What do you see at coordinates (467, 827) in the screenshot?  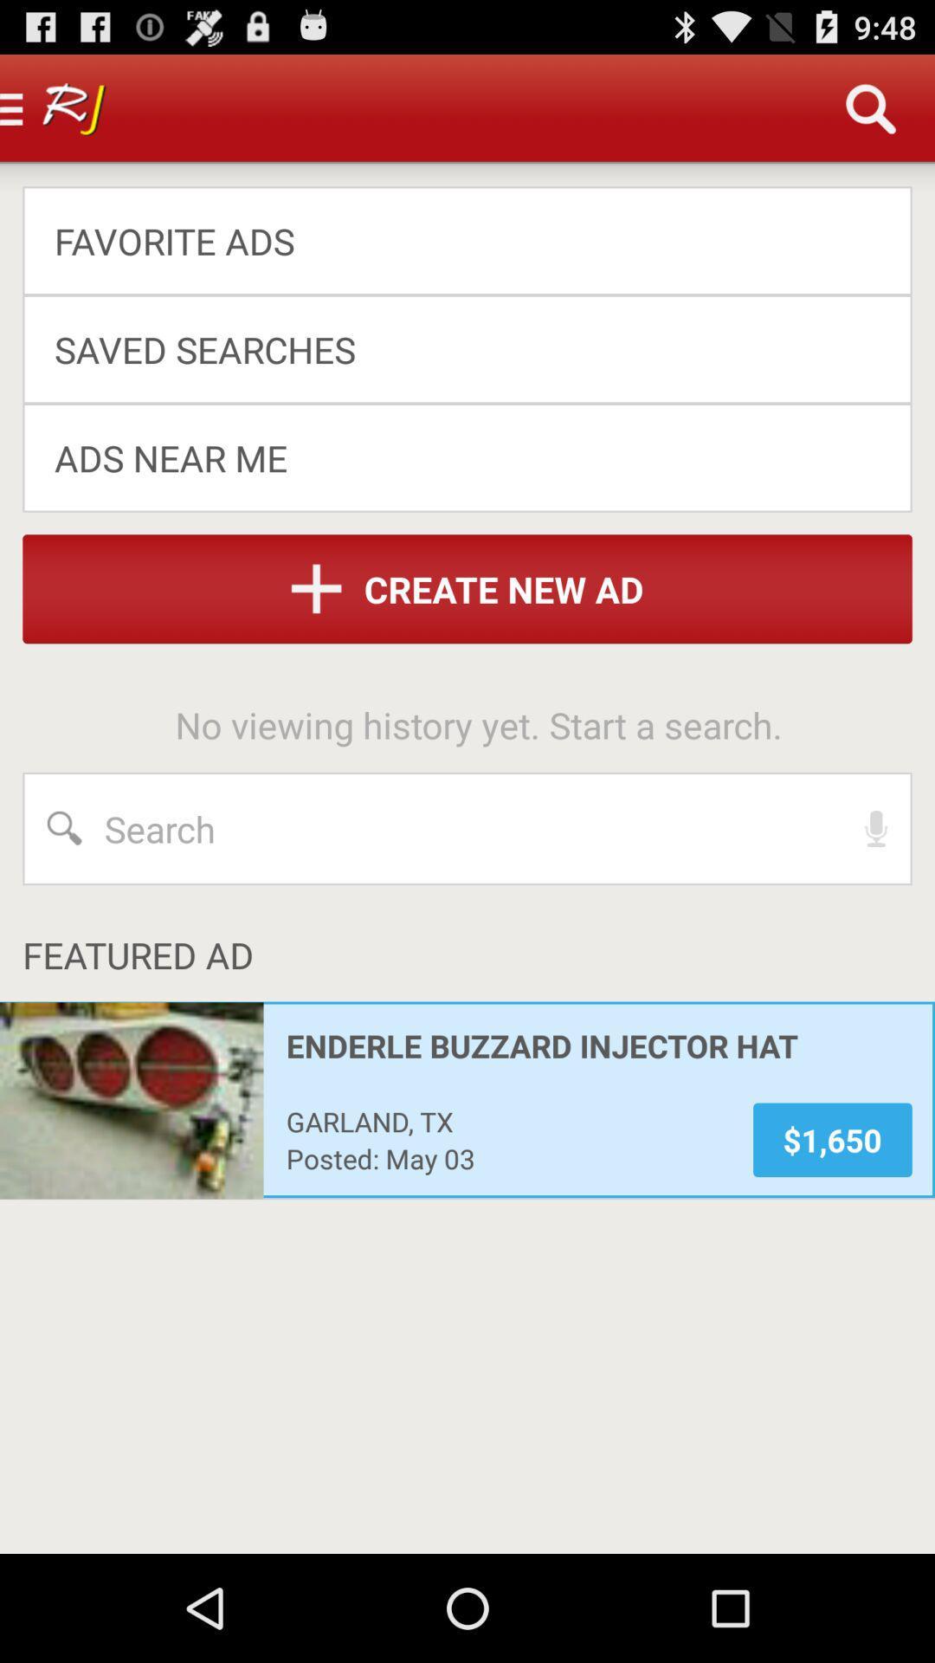 I see `search` at bounding box center [467, 827].